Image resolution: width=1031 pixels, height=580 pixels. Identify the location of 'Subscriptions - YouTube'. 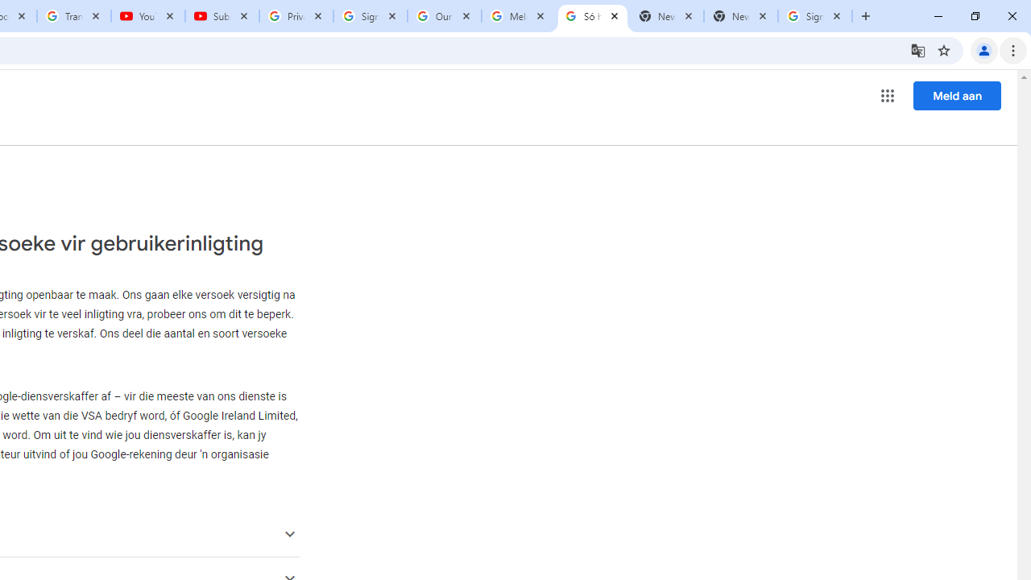
(222, 16).